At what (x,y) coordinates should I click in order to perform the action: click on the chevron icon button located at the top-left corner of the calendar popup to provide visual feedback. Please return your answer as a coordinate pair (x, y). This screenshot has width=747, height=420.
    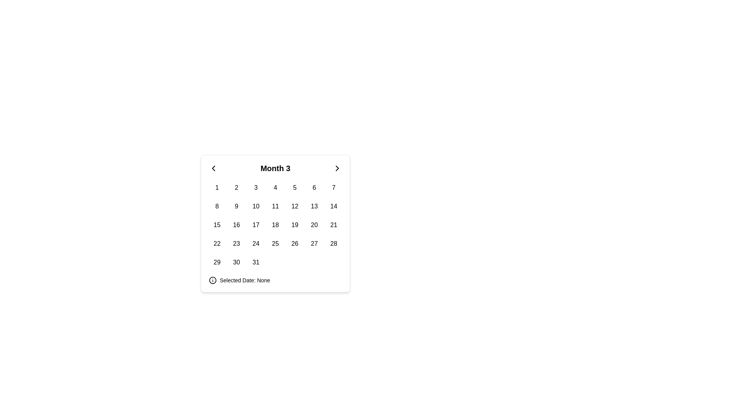
    Looking at the image, I should click on (213, 168).